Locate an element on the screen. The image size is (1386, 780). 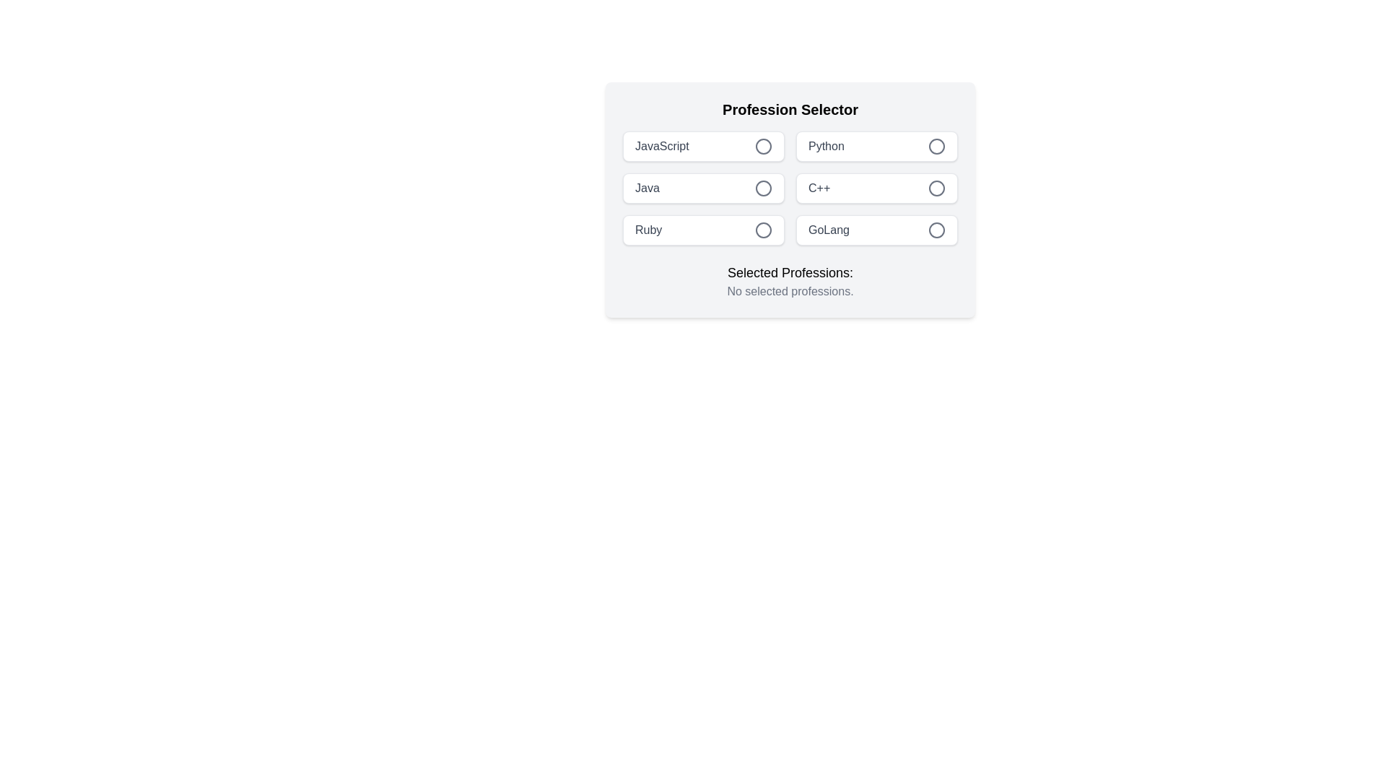
the right-hand radio button labeled 'Java' is located at coordinates (762, 188).